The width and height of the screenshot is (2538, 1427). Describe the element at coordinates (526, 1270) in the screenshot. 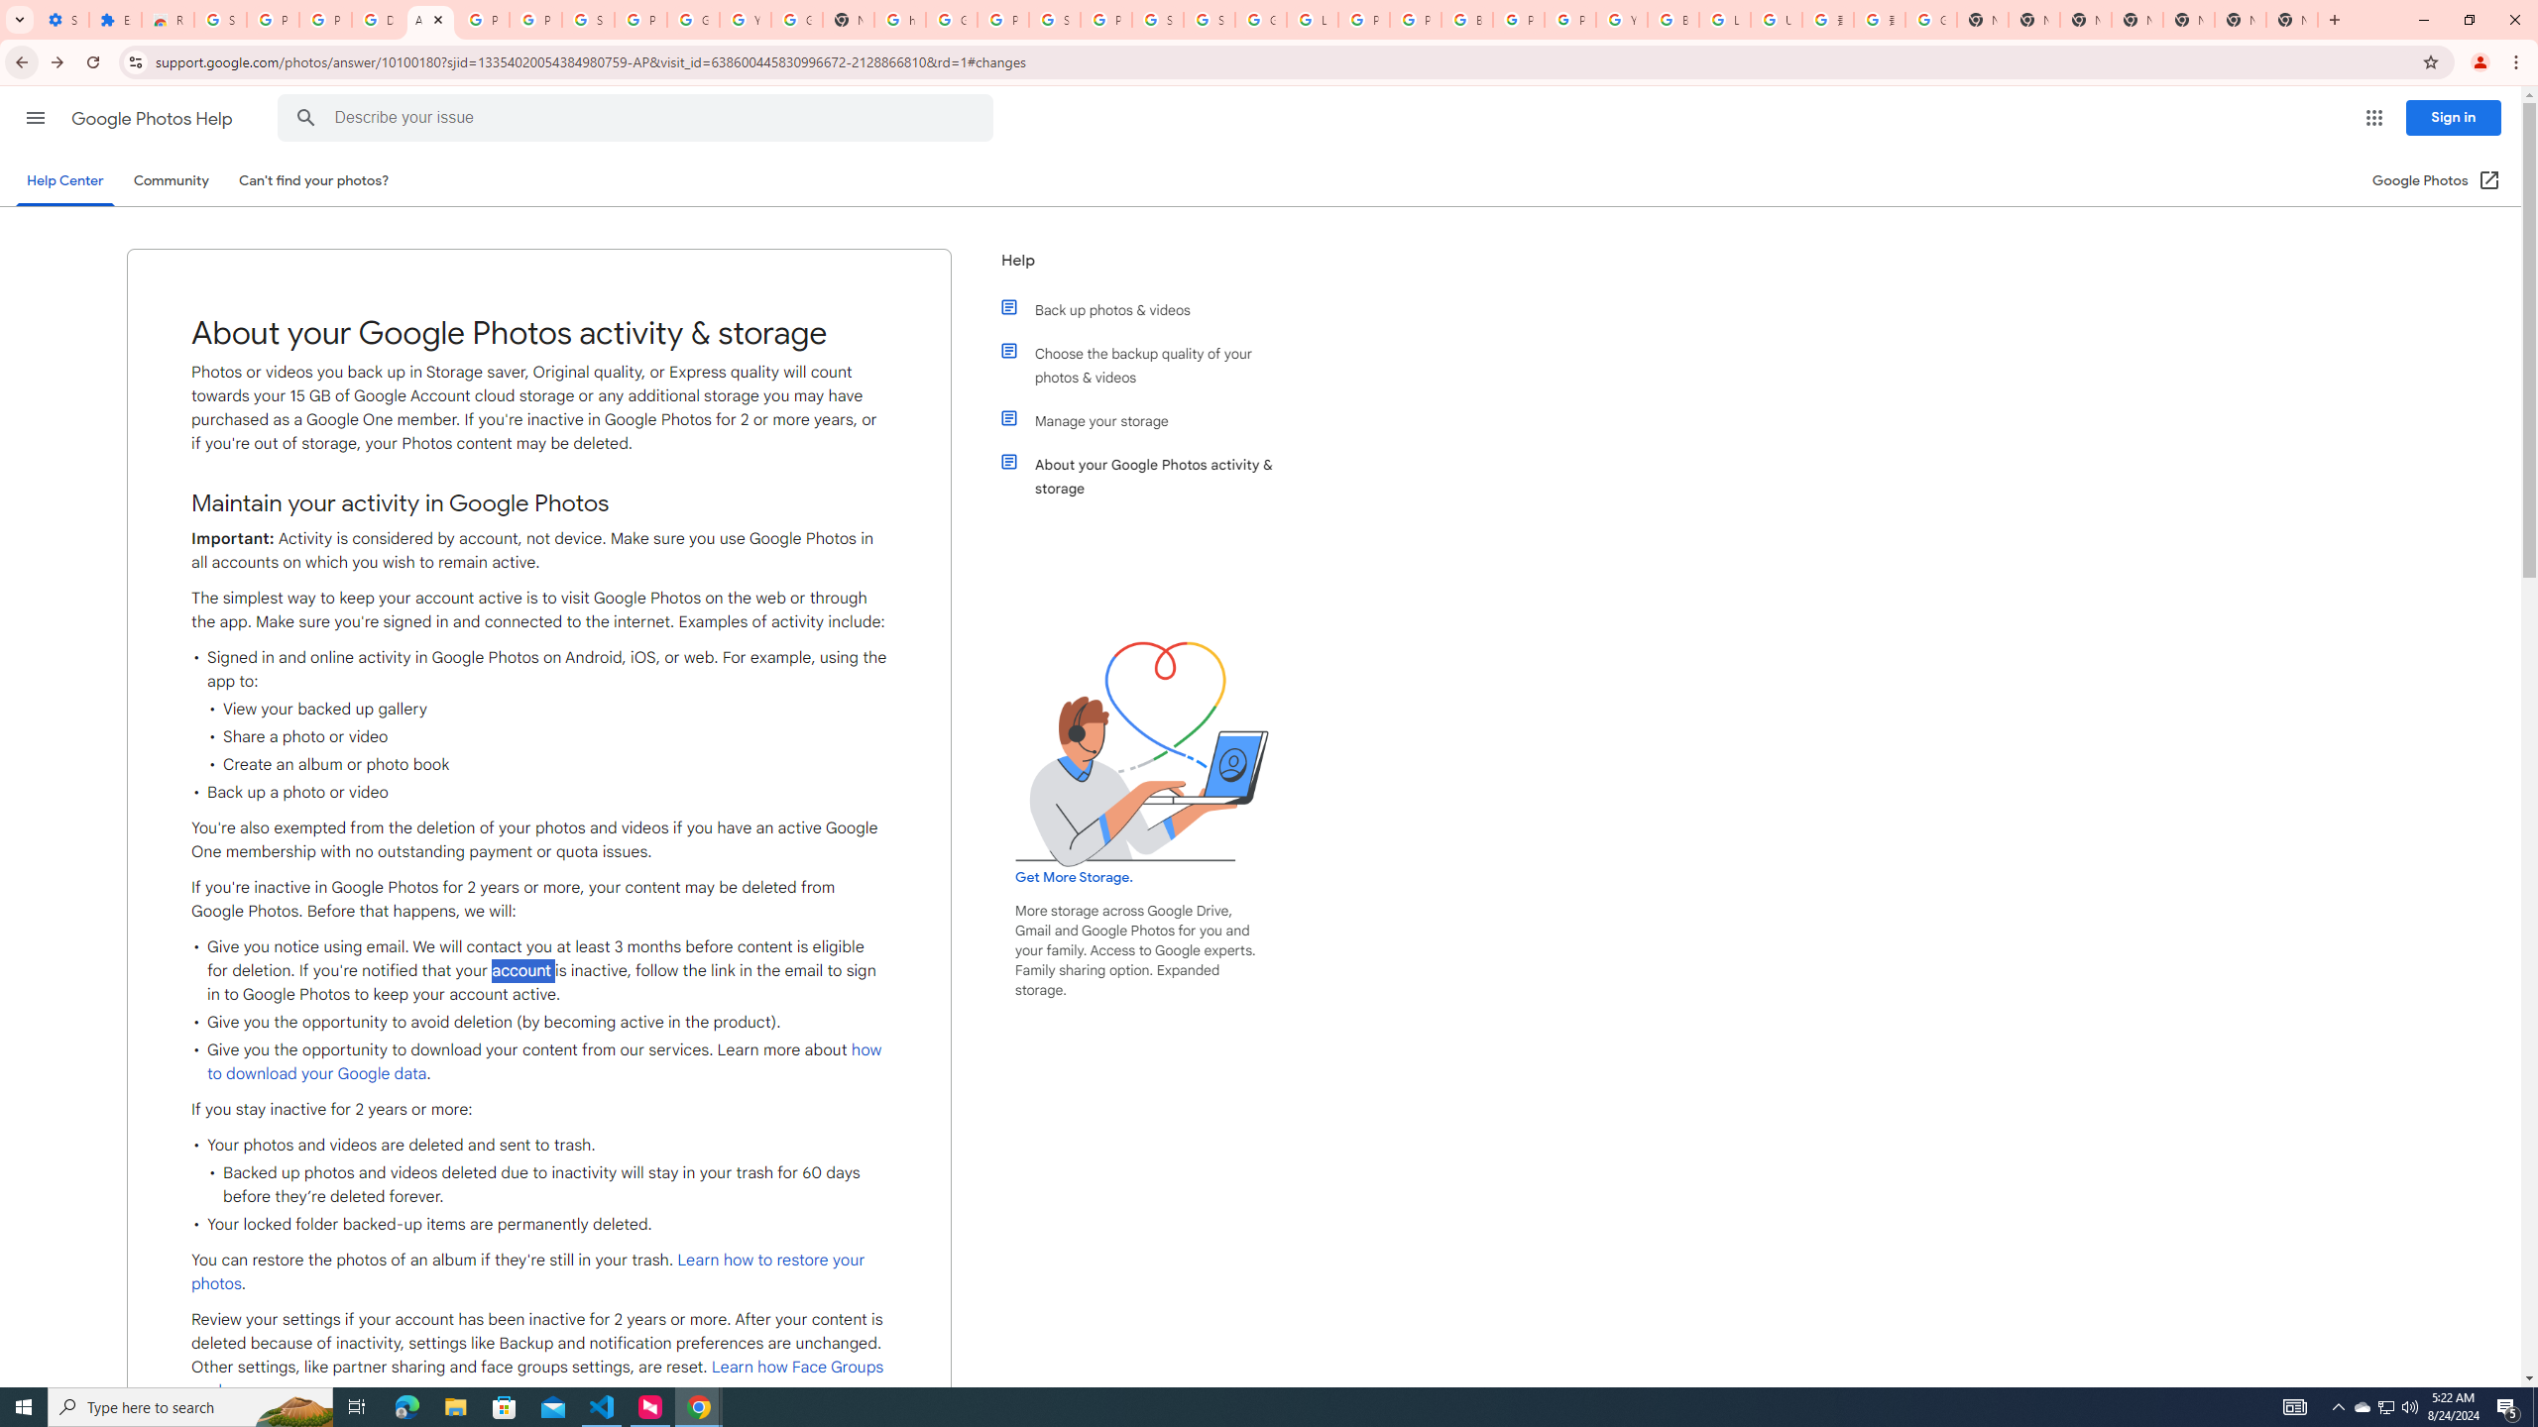

I see `'Learn how to restore your photos'` at that location.